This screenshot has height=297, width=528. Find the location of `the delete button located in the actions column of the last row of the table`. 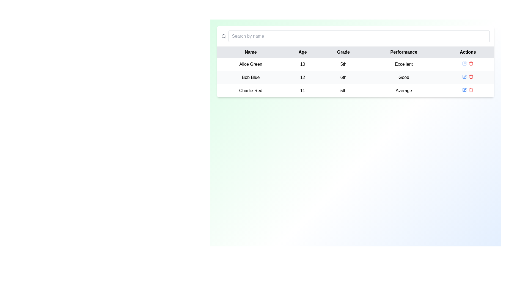

the delete button located in the actions column of the last row of the table is located at coordinates (471, 90).